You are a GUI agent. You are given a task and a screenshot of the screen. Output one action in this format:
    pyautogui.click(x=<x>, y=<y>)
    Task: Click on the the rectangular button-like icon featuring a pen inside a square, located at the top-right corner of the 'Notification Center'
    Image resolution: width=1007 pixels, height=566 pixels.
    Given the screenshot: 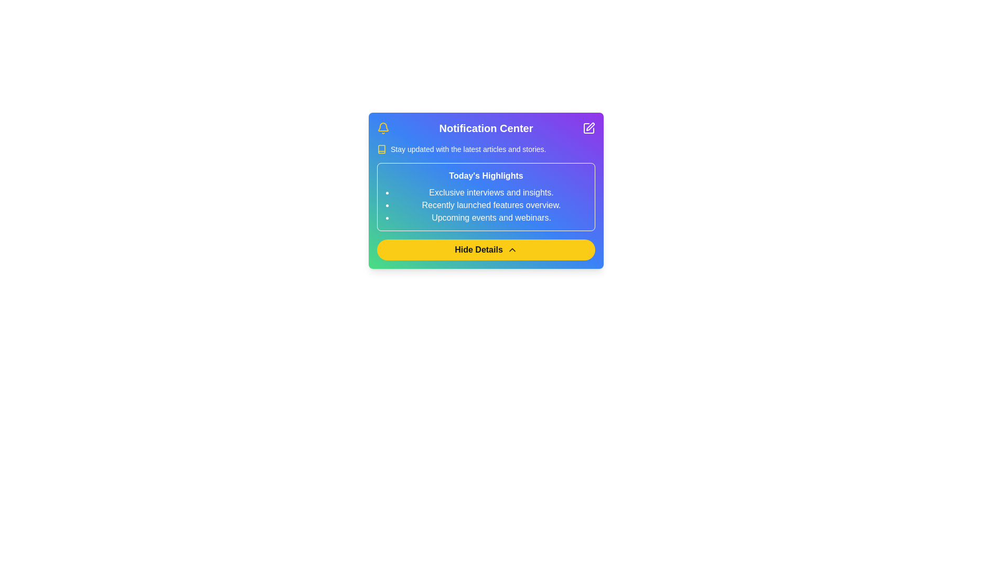 What is the action you would take?
    pyautogui.click(x=589, y=128)
    